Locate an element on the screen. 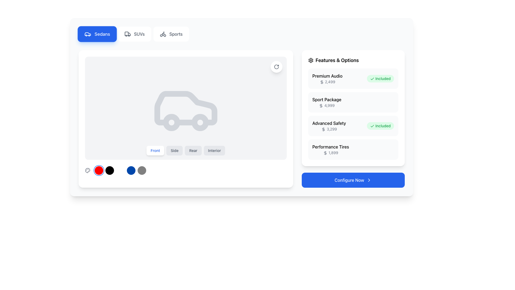 This screenshot has width=515, height=290. the dollar sign SVG graphic located in the 'Performance Tires' section of the 'Features & Options' panel, which is styled with a thin stroke and positioned to the left of the price '1,899' is located at coordinates (325, 153).